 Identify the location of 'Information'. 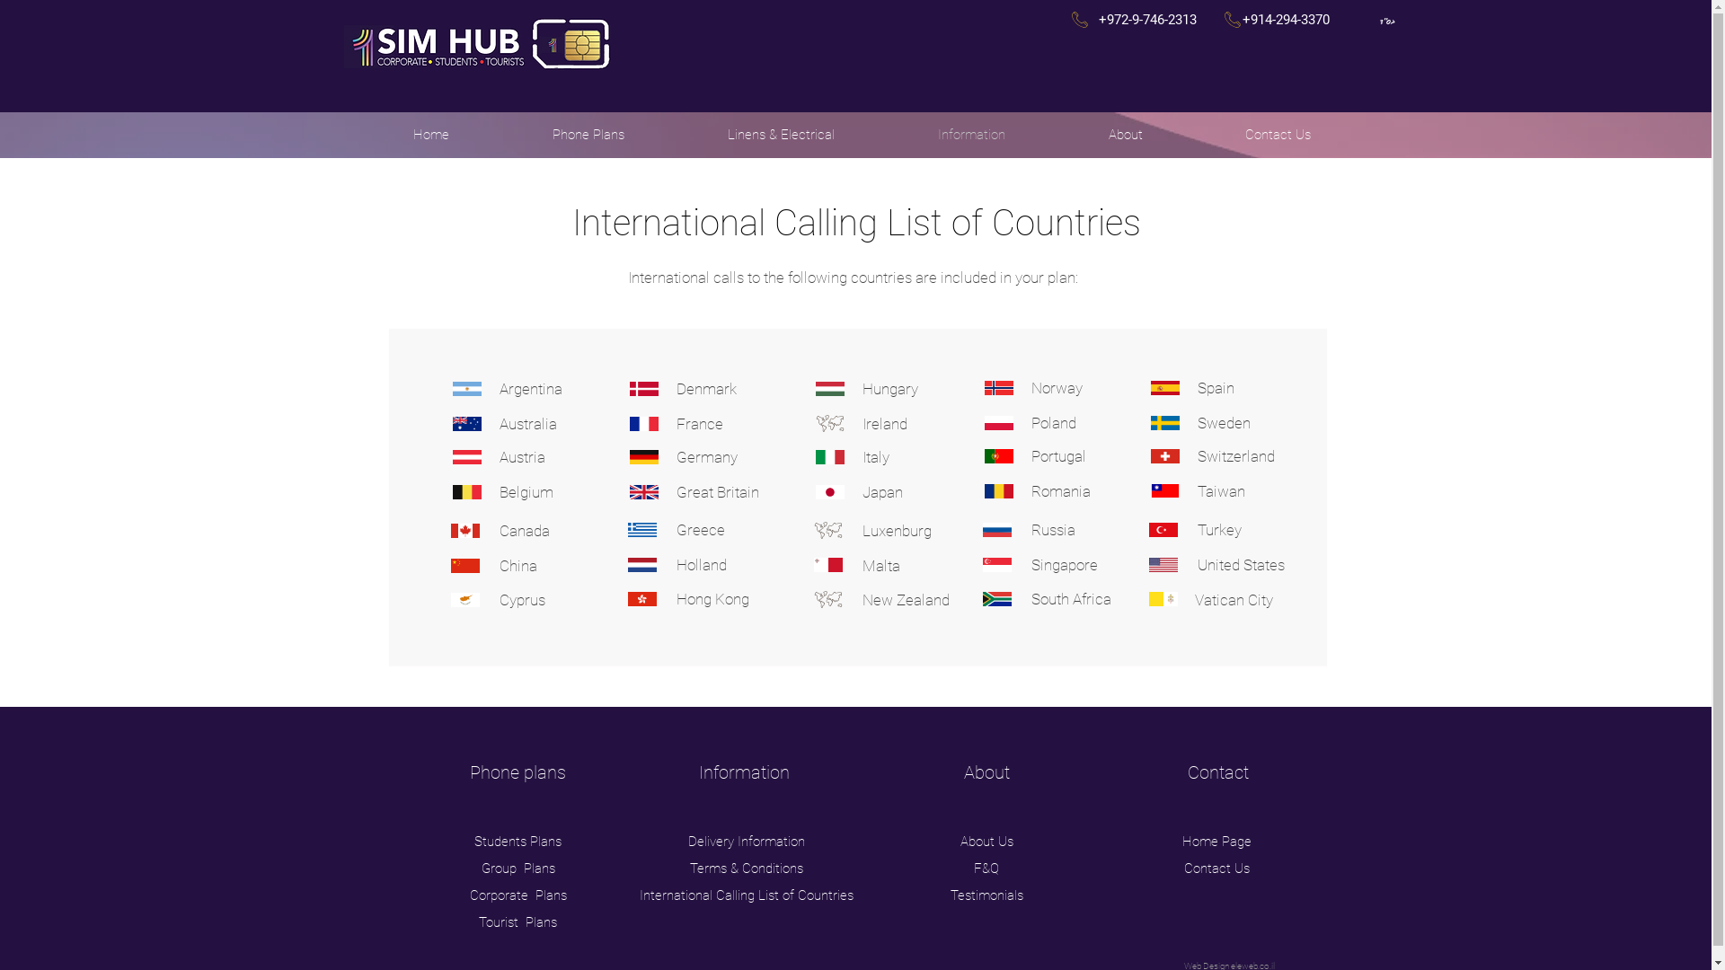
(969, 134).